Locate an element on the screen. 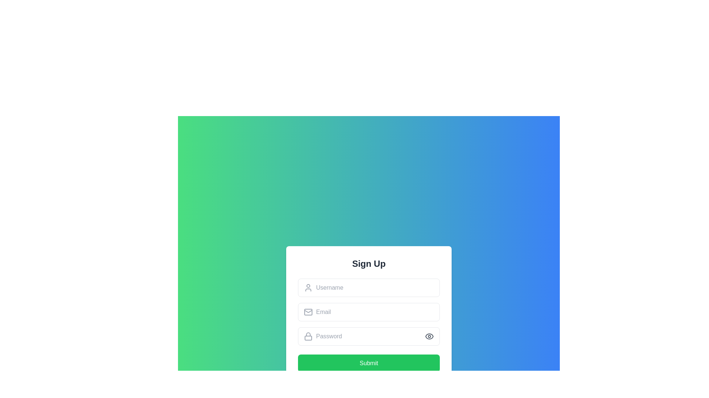 This screenshot has width=709, height=398. the gray envelope-shaped icon located in the email field entry section, positioned to the left of the input box is located at coordinates (308, 312).